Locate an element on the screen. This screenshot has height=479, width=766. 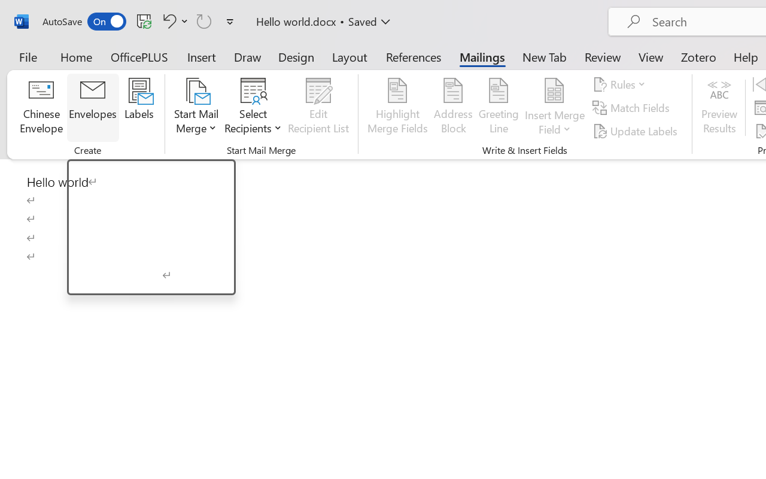
'OfficePLUS' is located at coordinates (139, 56).